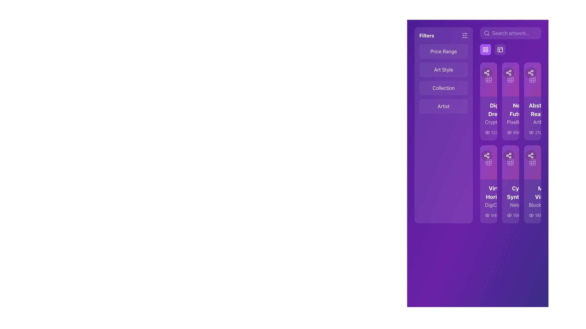 The image size is (586, 329). Describe the element at coordinates (485, 49) in the screenshot. I see `the icon button styled as a grid layout with four square cells, displayed in white against a purple circular background` at that location.